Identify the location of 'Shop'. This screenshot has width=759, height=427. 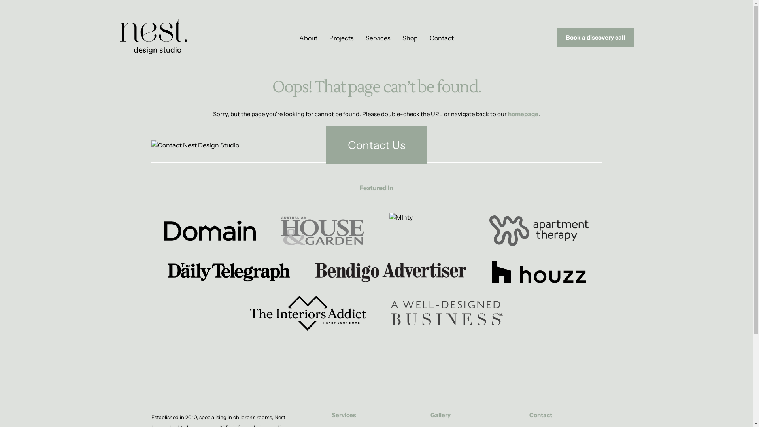
(402, 38).